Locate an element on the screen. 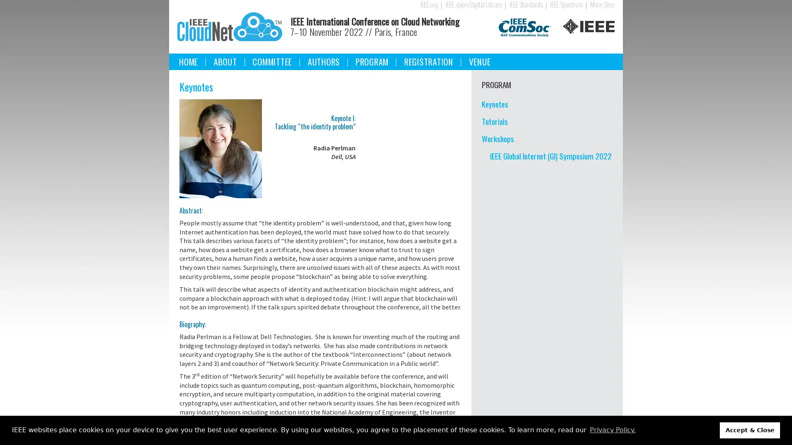 This screenshot has width=792, height=445. dismiss cookie message is located at coordinates (750, 430).